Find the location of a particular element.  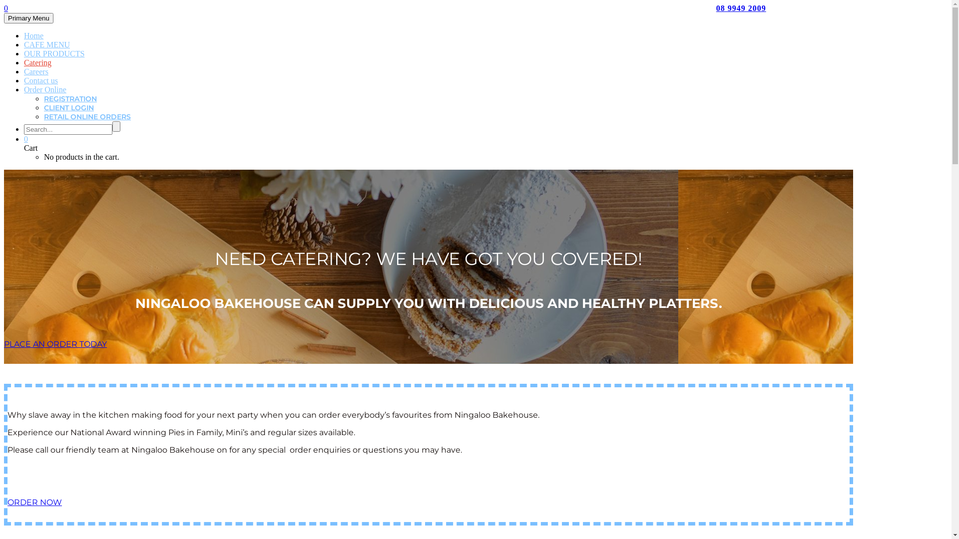

'orders@ningaloobakehouse.com.au' is located at coordinates (784, 17).